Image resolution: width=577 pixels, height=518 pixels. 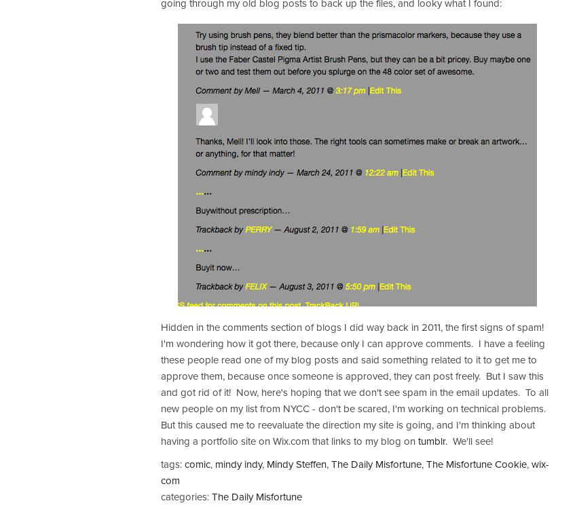 What do you see at coordinates (197, 464) in the screenshot?
I see `'comic'` at bounding box center [197, 464].